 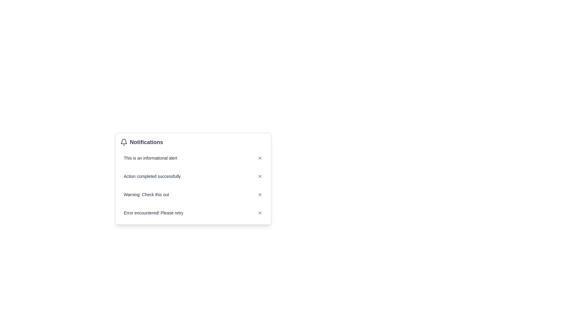 What do you see at coordinates (260, 195) in the screenshot?
I see `the interactive close icon styled as an 'X' in the far-right corner of the 'Warning: Check this out.' notification bar` at bounding box center [260, 195].